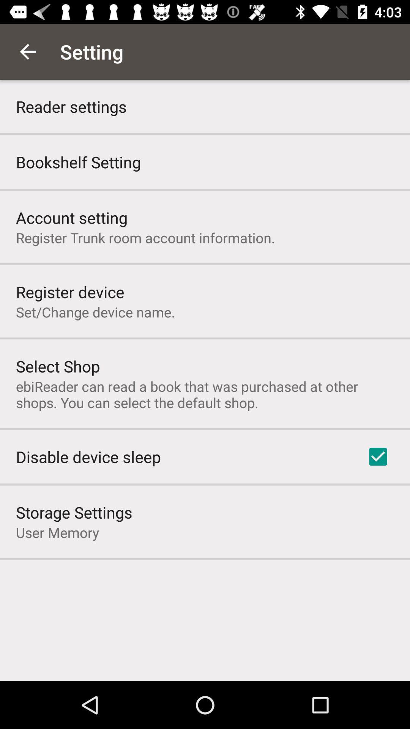 This screenshot has width=410, height=729. What do you see at coordinates (71, 106) in the screenshot?
I see `reader settings app` at bounding box center [71, 106].